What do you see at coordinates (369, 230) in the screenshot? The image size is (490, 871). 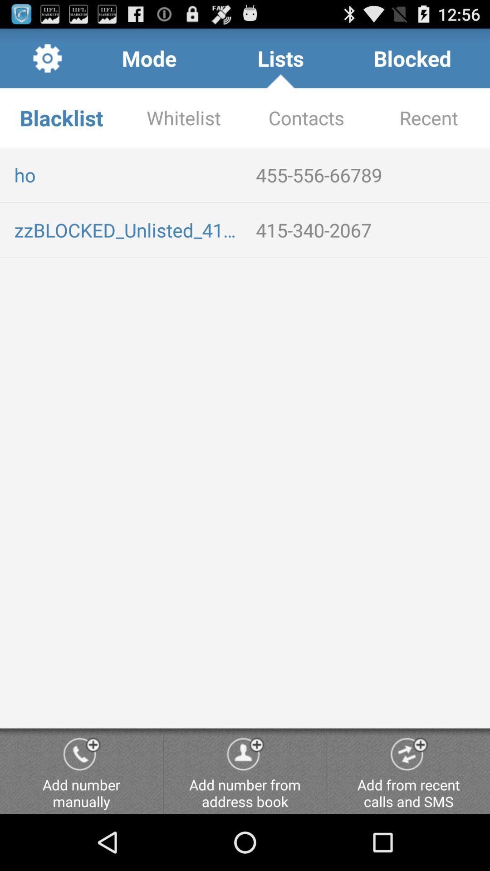 I see `the item next to zzblocked_unlisted_4153402067` at bounding box center [369, 230].